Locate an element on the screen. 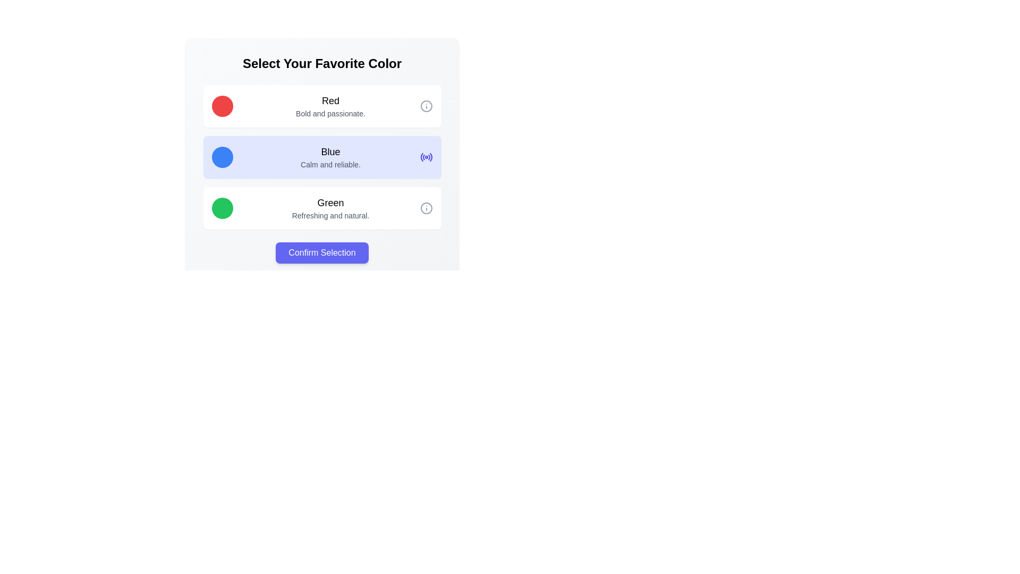  the textual display that provides information about the 'Green' selection option, located between the 'Blue' option and the 'Confirm Selection' button is located at coordinates (330, 208).